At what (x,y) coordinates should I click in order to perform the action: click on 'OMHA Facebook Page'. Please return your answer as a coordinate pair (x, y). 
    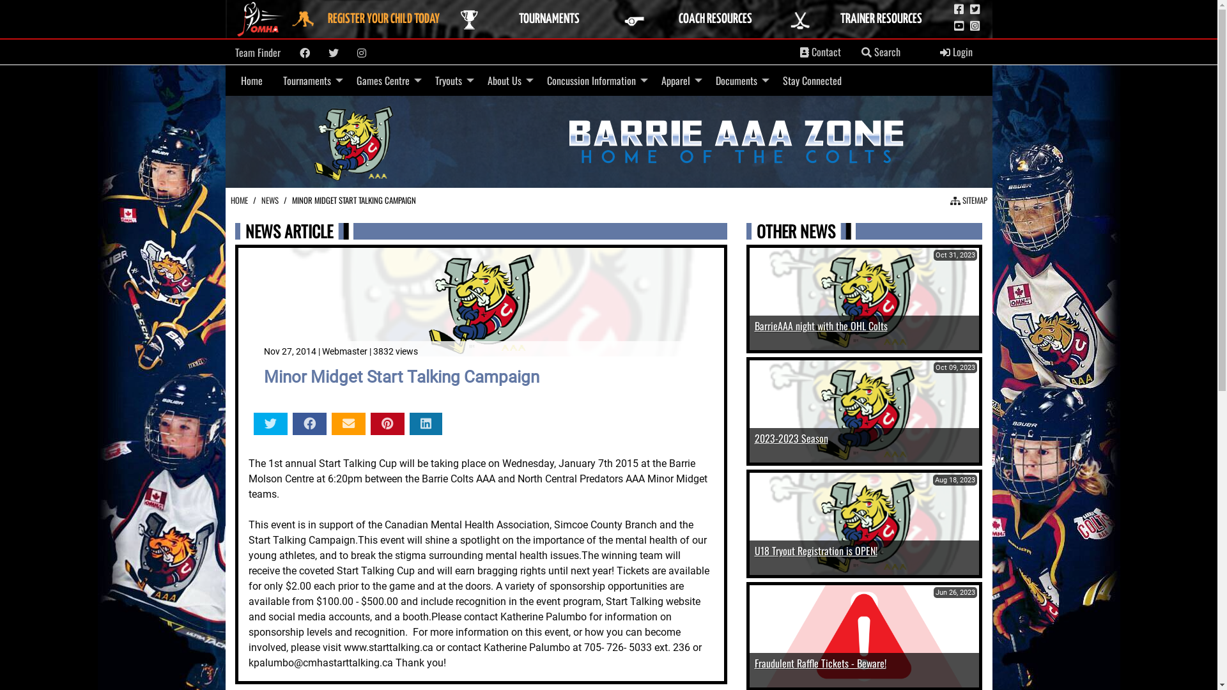
    Looking at the image, I should click on (953, 10).